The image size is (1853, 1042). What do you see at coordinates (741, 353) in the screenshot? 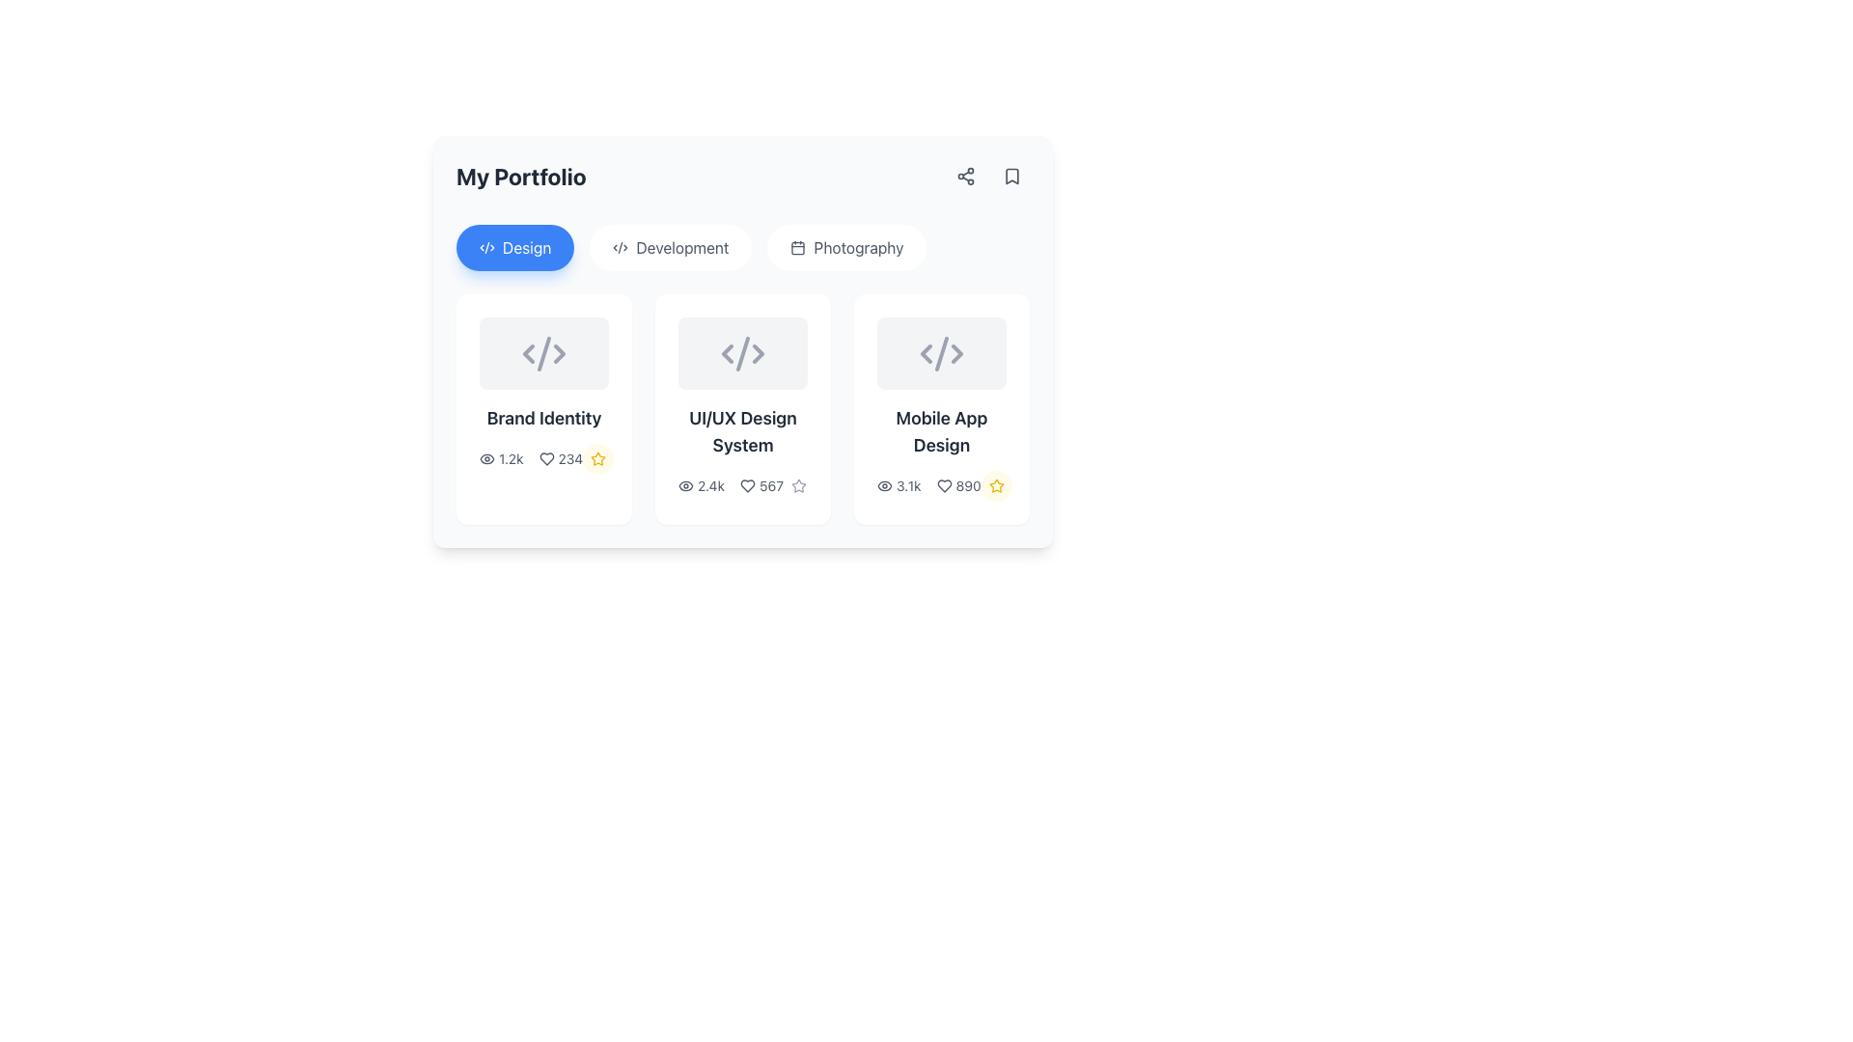
I see `the coding symbol icon represented by a pair of angle brackets with a forward slash between them, located in the middle card of the horizontal list labeled 'UI/UX Design System'` at bounding box center [741, 353].